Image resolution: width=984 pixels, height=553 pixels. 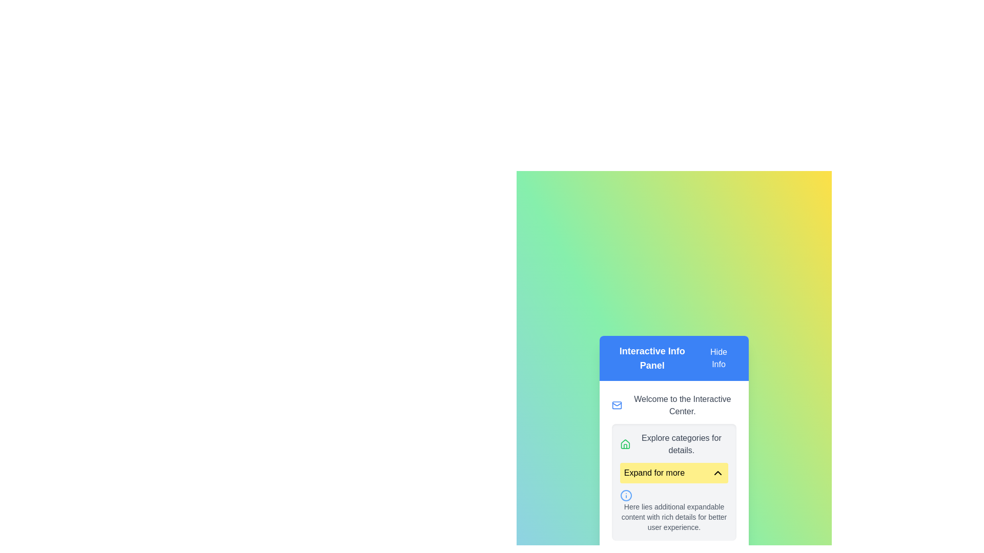 I want to click on the green house-shaped icon located to the left of the text 'Explore categories for details' in the central panel, so click(x=625, y=443).